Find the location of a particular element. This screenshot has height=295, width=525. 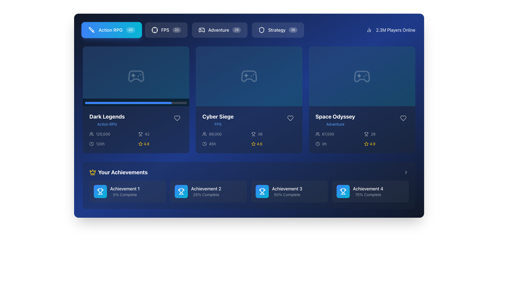

the achievement icon located in the second card section labeled 'Cyber Siege', positioned to the left of the numeric value '36' is located at coordinates (253, 134).